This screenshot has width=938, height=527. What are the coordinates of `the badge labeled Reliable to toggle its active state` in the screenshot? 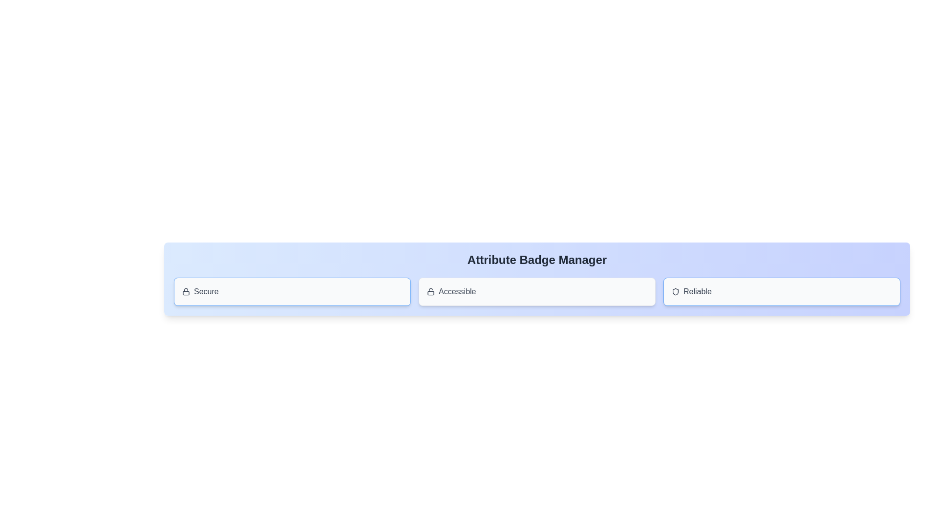 It's located at (782, 291).